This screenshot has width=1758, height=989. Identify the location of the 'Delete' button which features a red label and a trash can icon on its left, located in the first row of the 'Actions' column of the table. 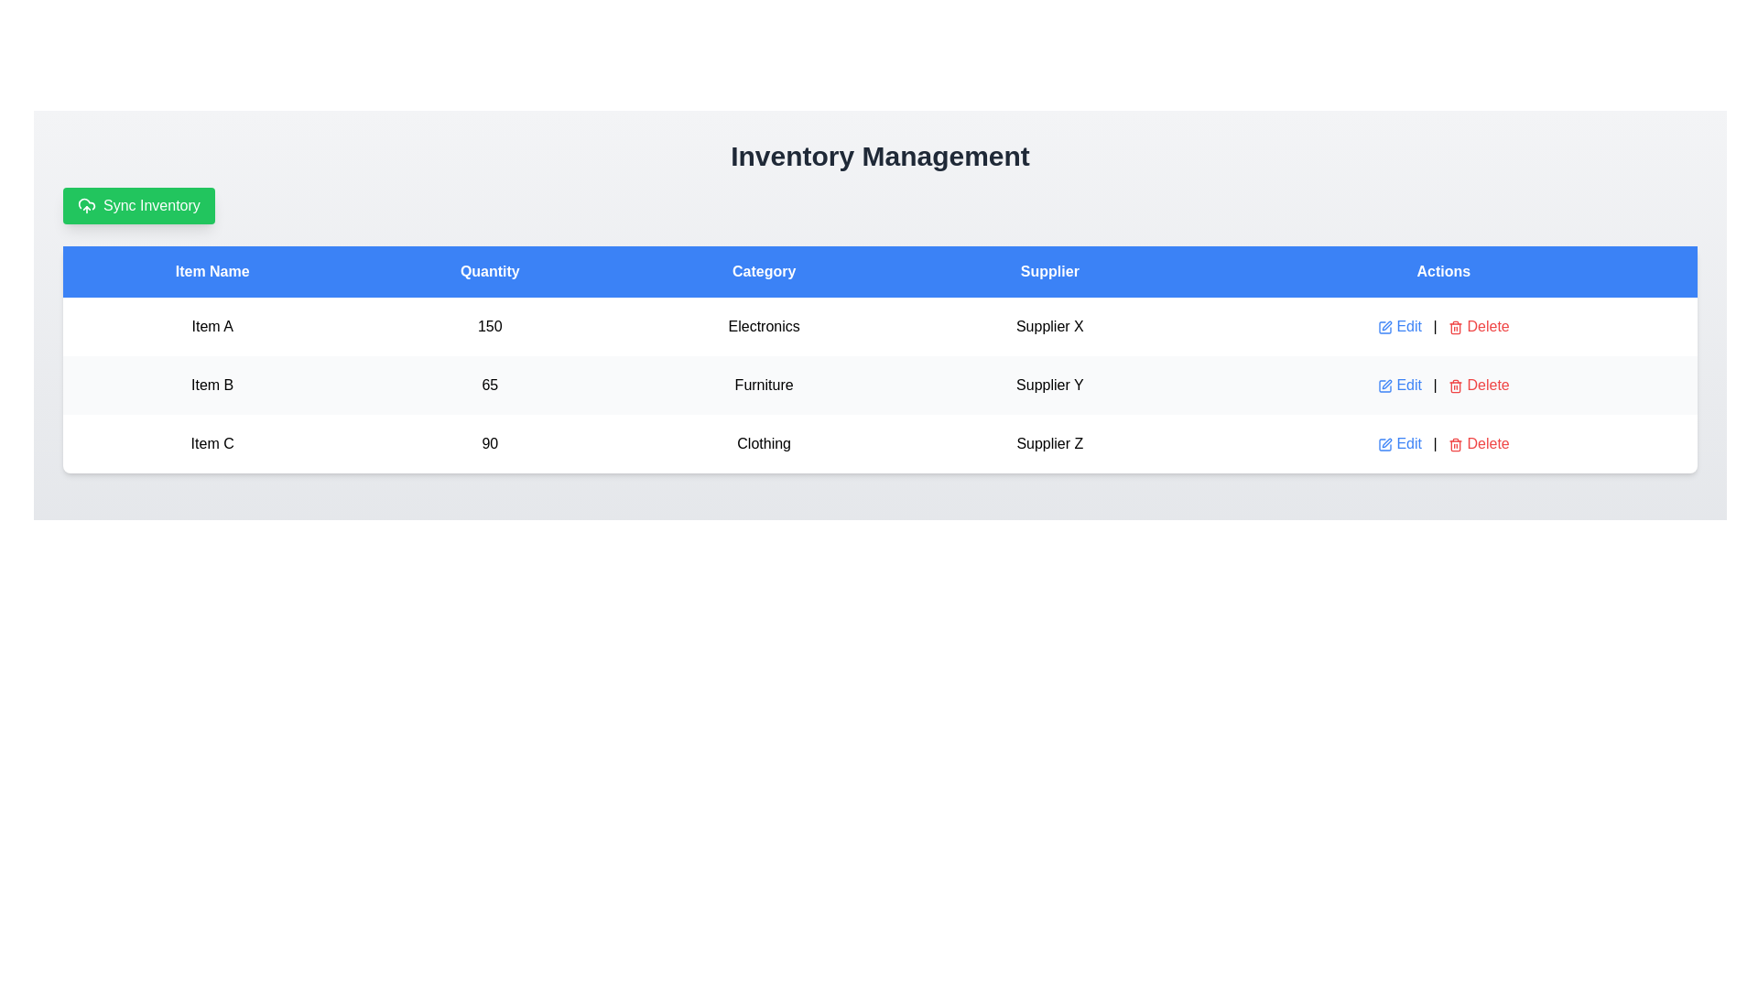
(1479, 326).